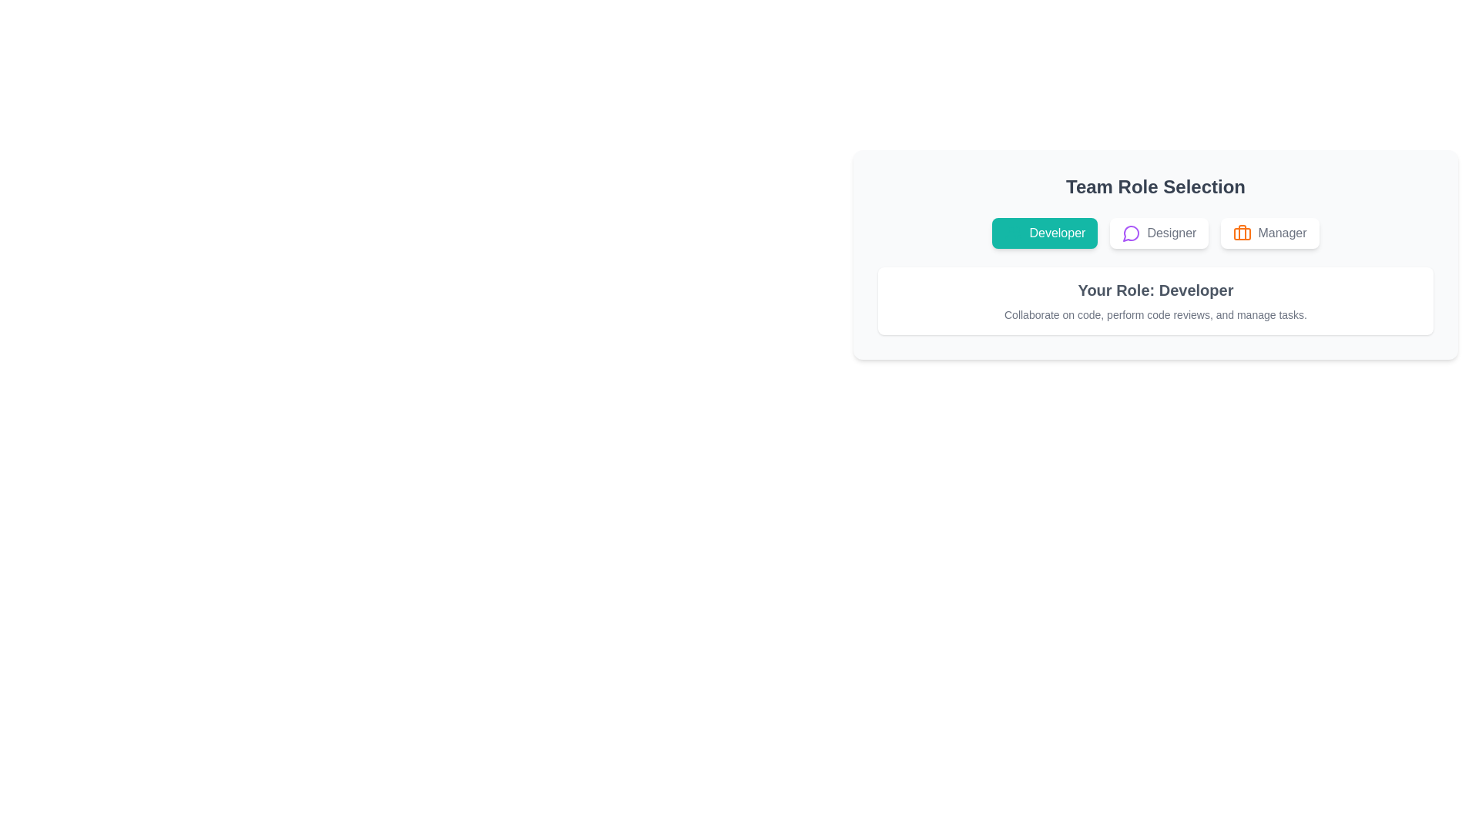 The width and height of the screenshot is (1479, 832). Describe the element at coordinates (1269, 233) in the screenshot. I see `the 'Manager' button, which is a rounded rectangular button with a briefcase icon and transitions from white to teal on hover, located under 'Team Role Selection'` at that location.